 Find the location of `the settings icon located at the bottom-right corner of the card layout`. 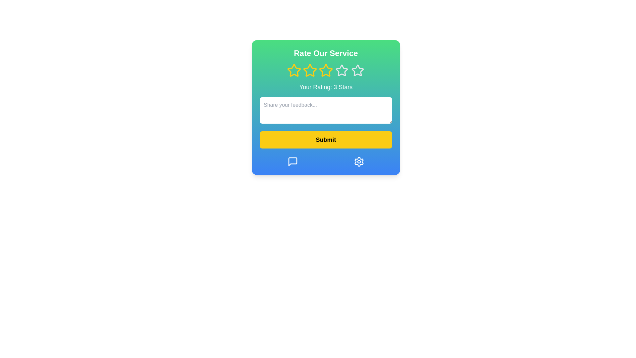

the settings icon located at the bottom-right corner of the card layout is located at coordinates (359, 162).